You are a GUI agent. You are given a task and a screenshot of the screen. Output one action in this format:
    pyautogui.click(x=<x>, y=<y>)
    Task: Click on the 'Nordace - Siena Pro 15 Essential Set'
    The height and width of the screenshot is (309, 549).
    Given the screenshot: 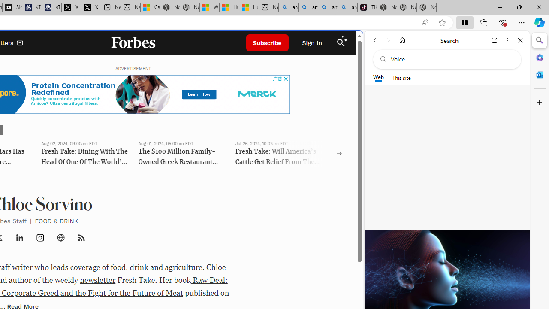 What is the action you would take?
    pyautogui.click(x=426, y=7)
    